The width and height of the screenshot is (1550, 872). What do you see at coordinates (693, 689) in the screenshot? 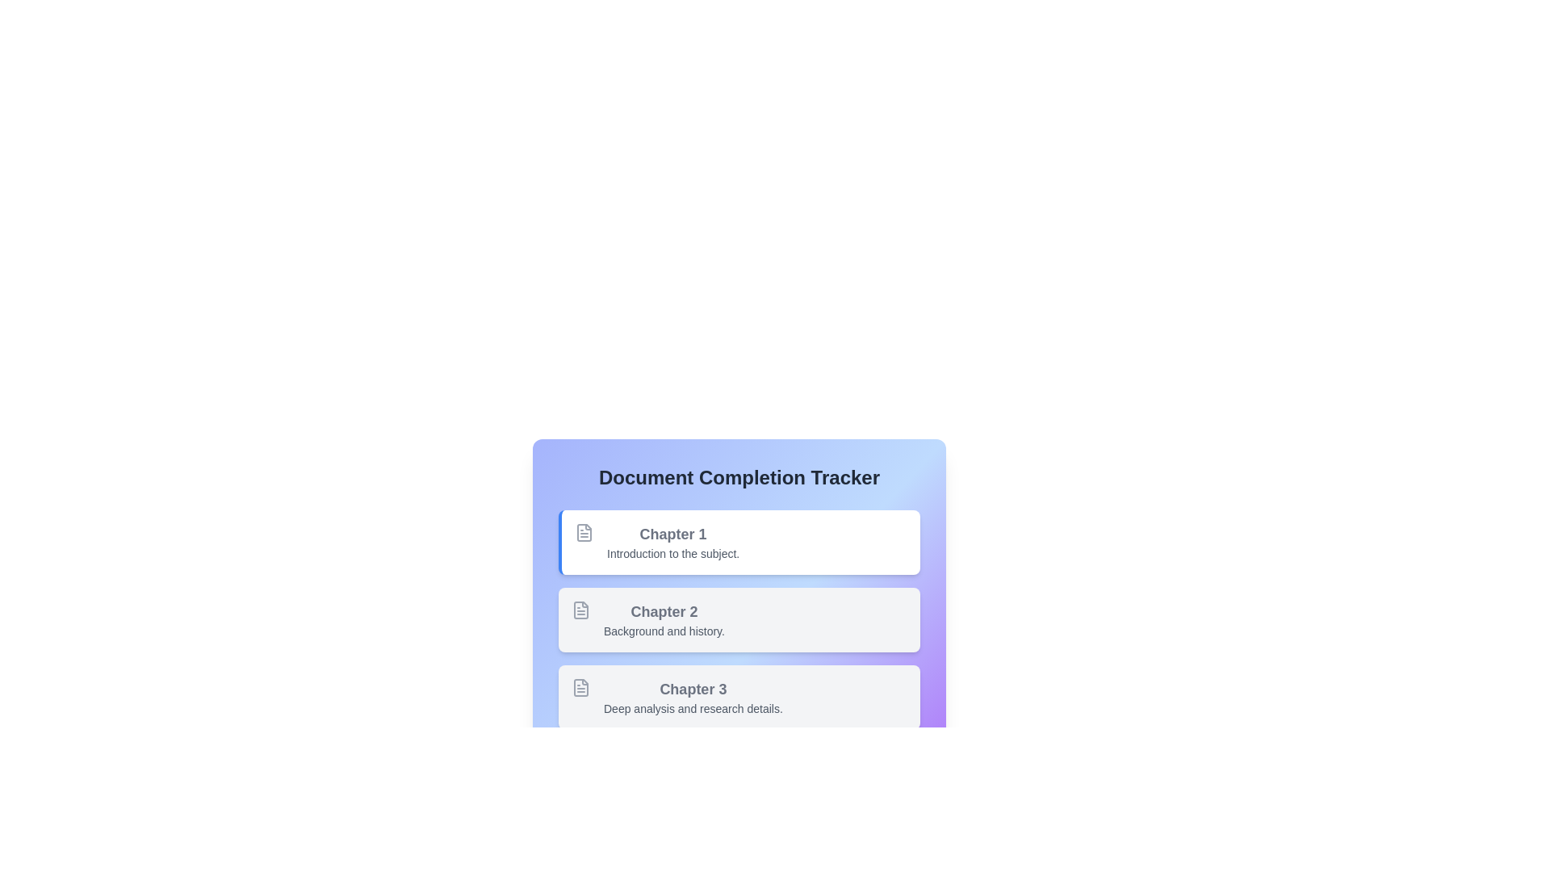
I see `the text label displaying 'Chapter 3' in bold gray font, which is positioned above the description text 'Deep analysis and research details.'` at bounding box center [693, 689].